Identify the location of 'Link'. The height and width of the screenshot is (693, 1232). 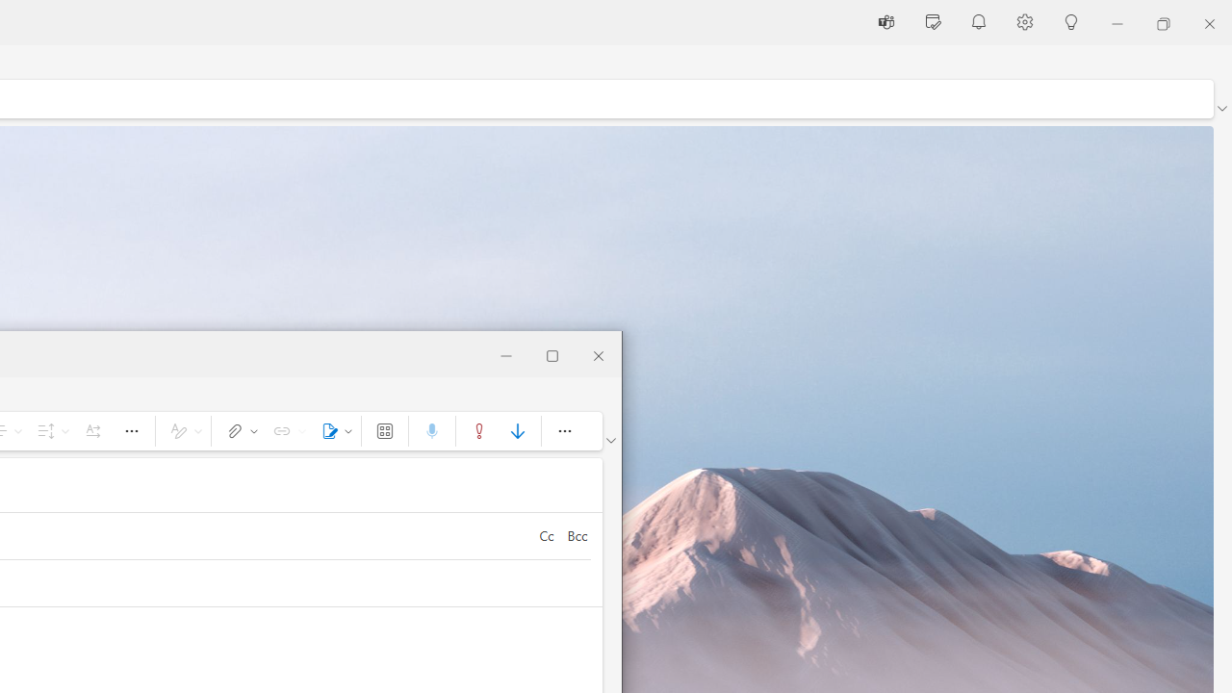
(285, 429).